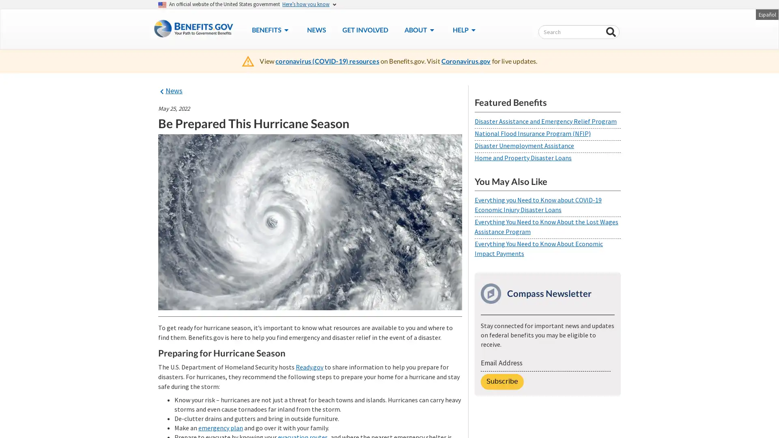  I want to click on GET INVOLVED, so click(364, 29).